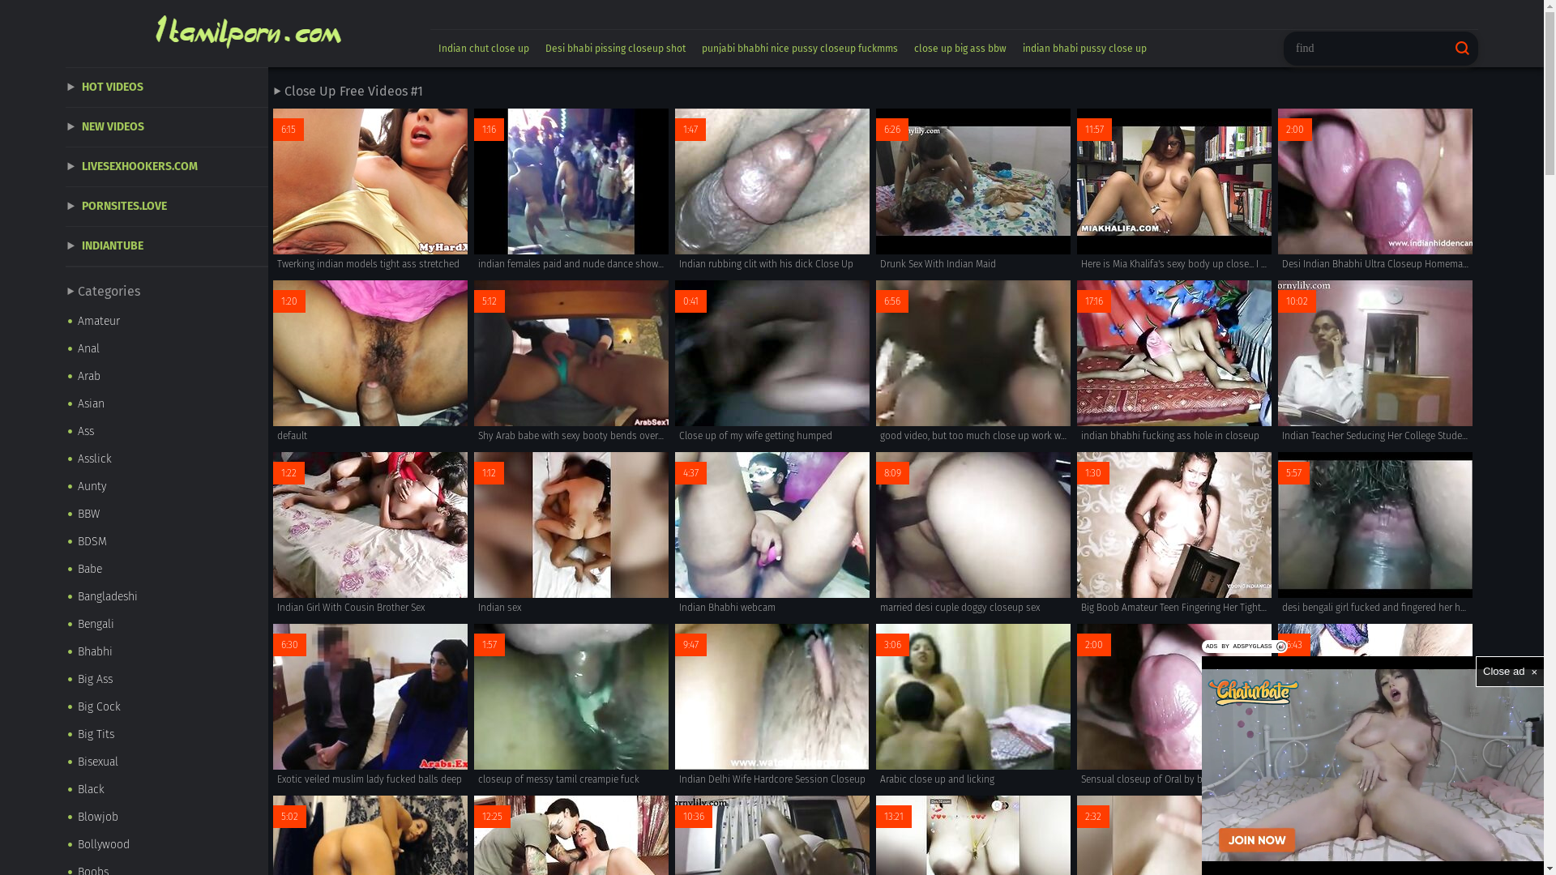  Describe the element at coordinates (167, 734) in the screenshot. I see `'Big Tits'` at that location.